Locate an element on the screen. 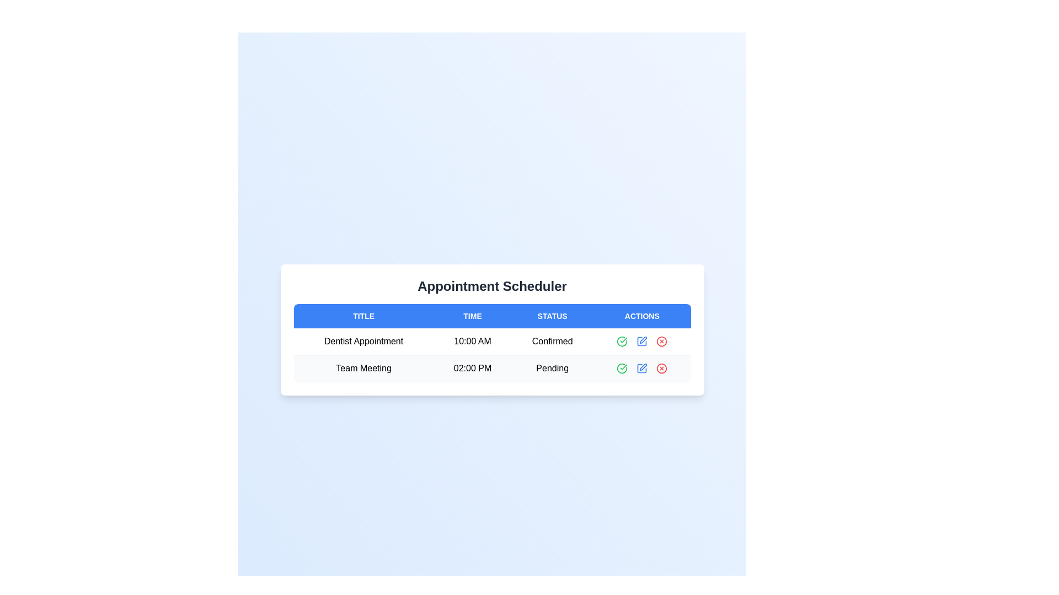 The height and width of the screenshot is (595, 1059). the static text label displaying the status 'Pending' for the 'Team Meeting', located in the 'Status' column of the table layout is located at coordinates (552, 368).